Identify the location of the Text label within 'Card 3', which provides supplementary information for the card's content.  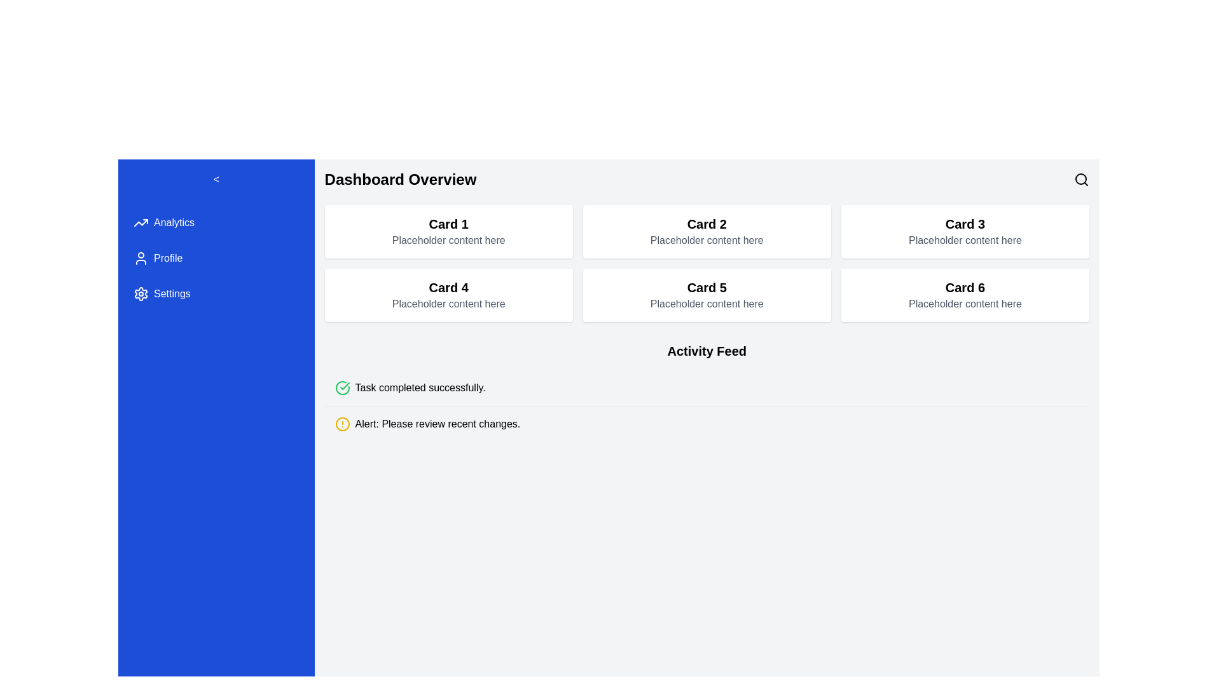
(965, 240).